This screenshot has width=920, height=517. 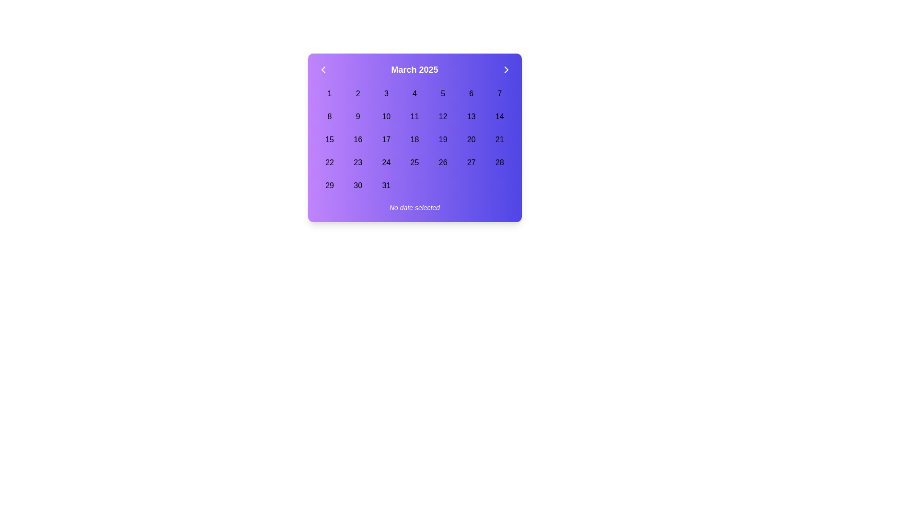 What do you see at coordinates (329, 94) in the screenshot?
I see `the small circular button with the numeral '1' located in the top-left corner of the calendar grid` at bounding box center [329, 94].